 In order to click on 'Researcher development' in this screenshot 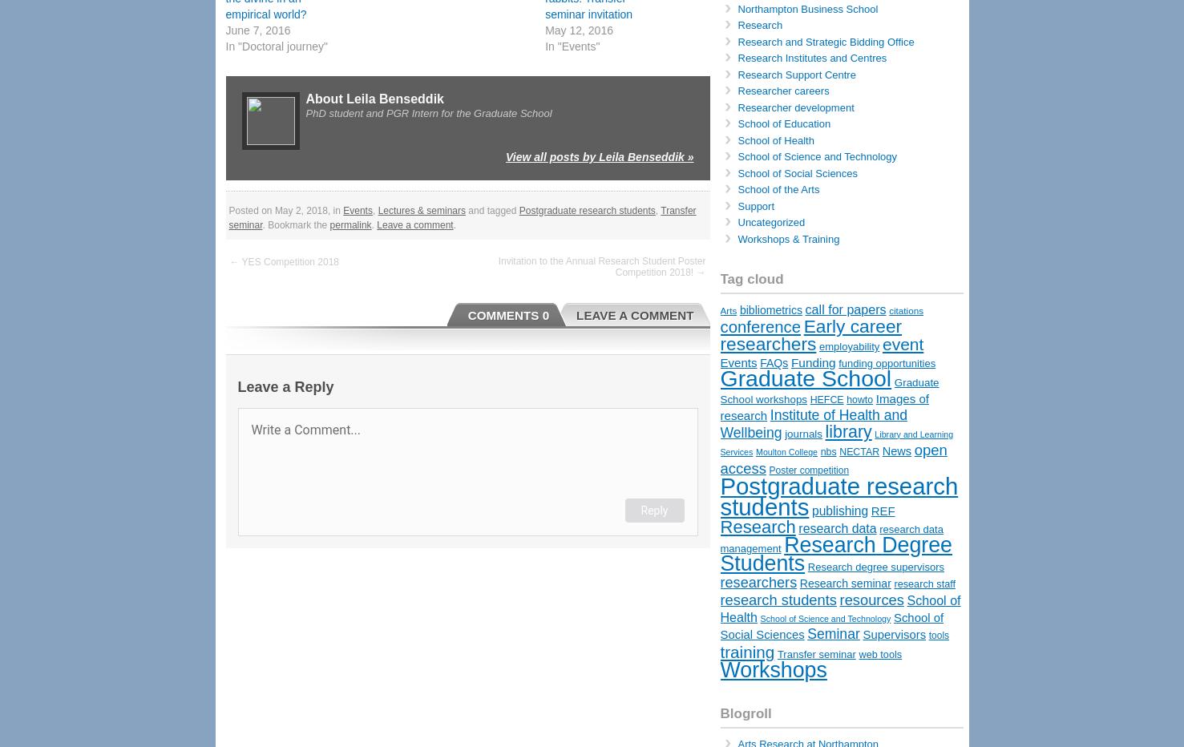, I will do `click(794, 106)`.